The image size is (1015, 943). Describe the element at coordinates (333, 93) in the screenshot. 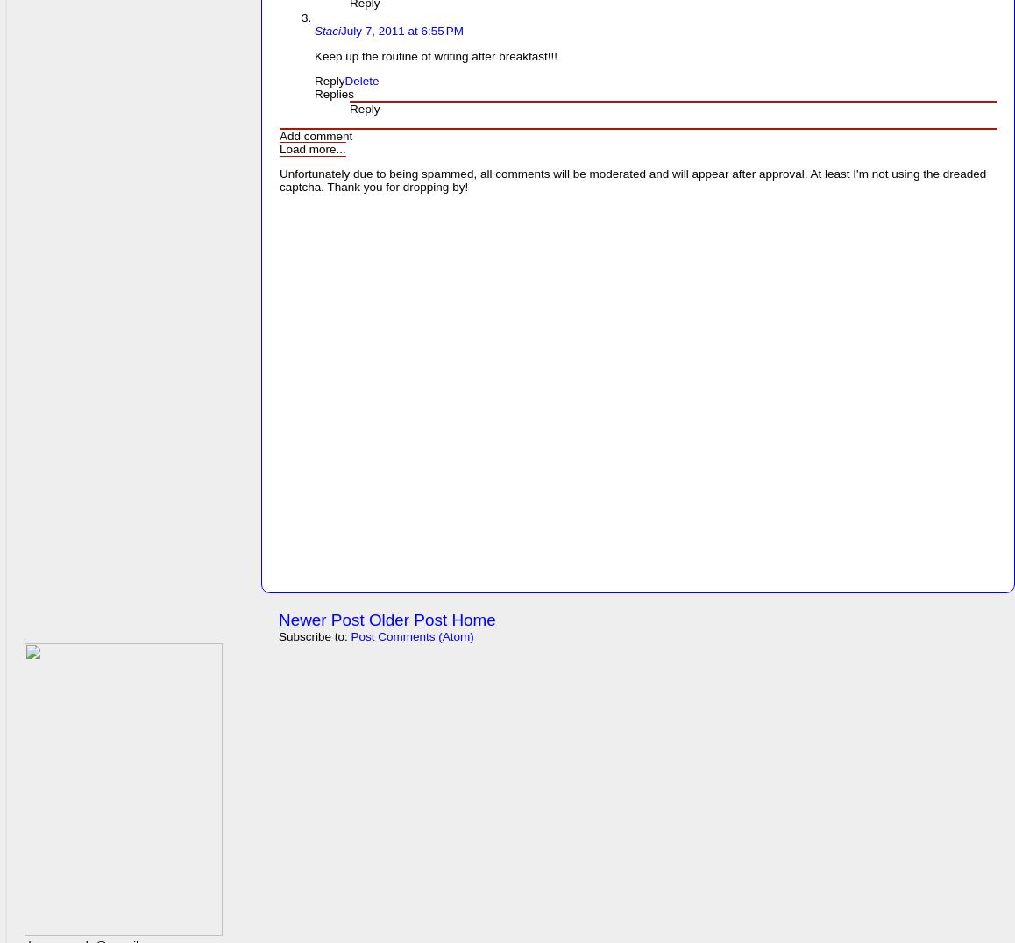

I see `'Replies'` at that location.